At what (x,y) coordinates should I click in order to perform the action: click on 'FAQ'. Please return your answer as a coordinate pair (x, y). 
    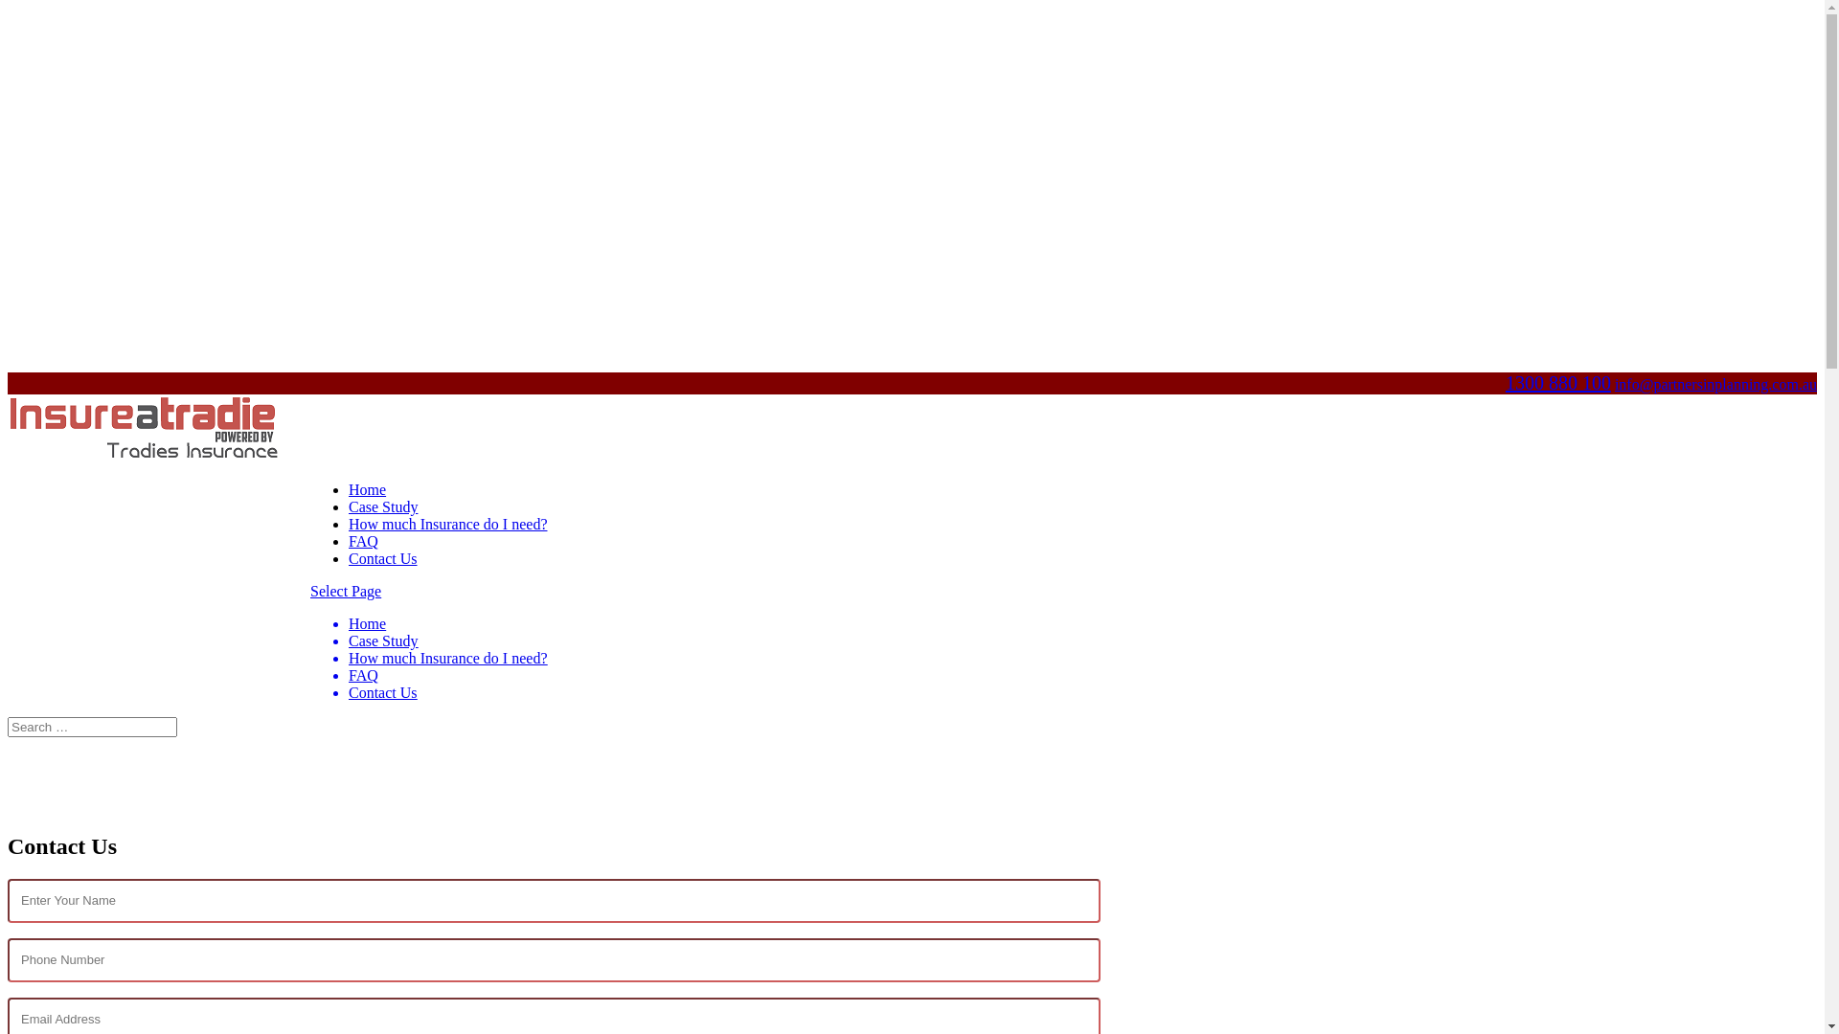
    Looking at the image, I should click on (363, 674).